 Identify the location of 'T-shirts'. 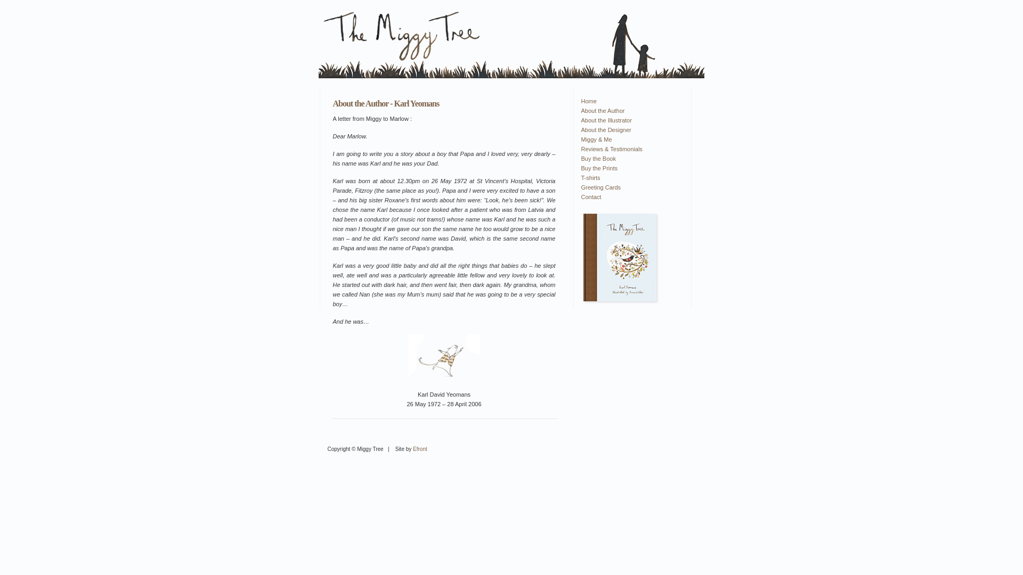
(629, 177).